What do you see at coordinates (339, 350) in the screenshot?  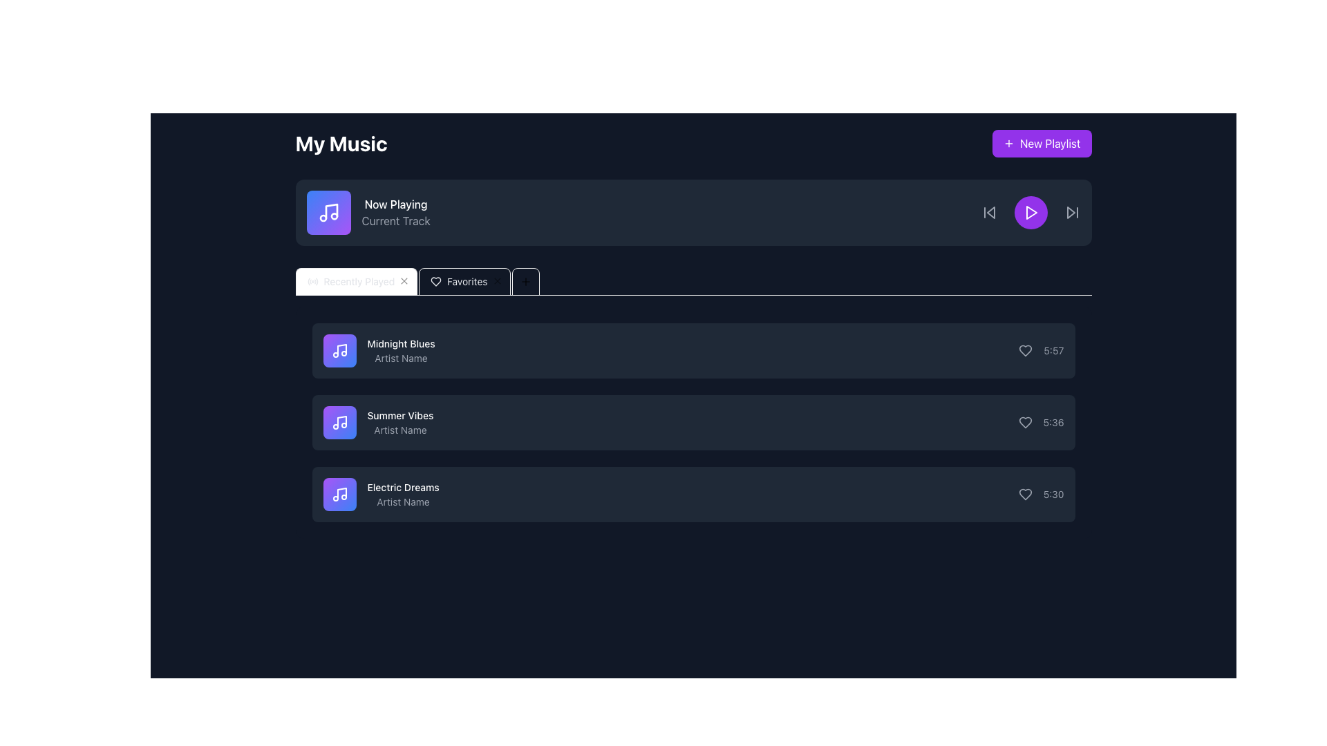 I see `the music icon in the 'Now Playing' section, which signifies the current track` at bounding box center [339, 350].